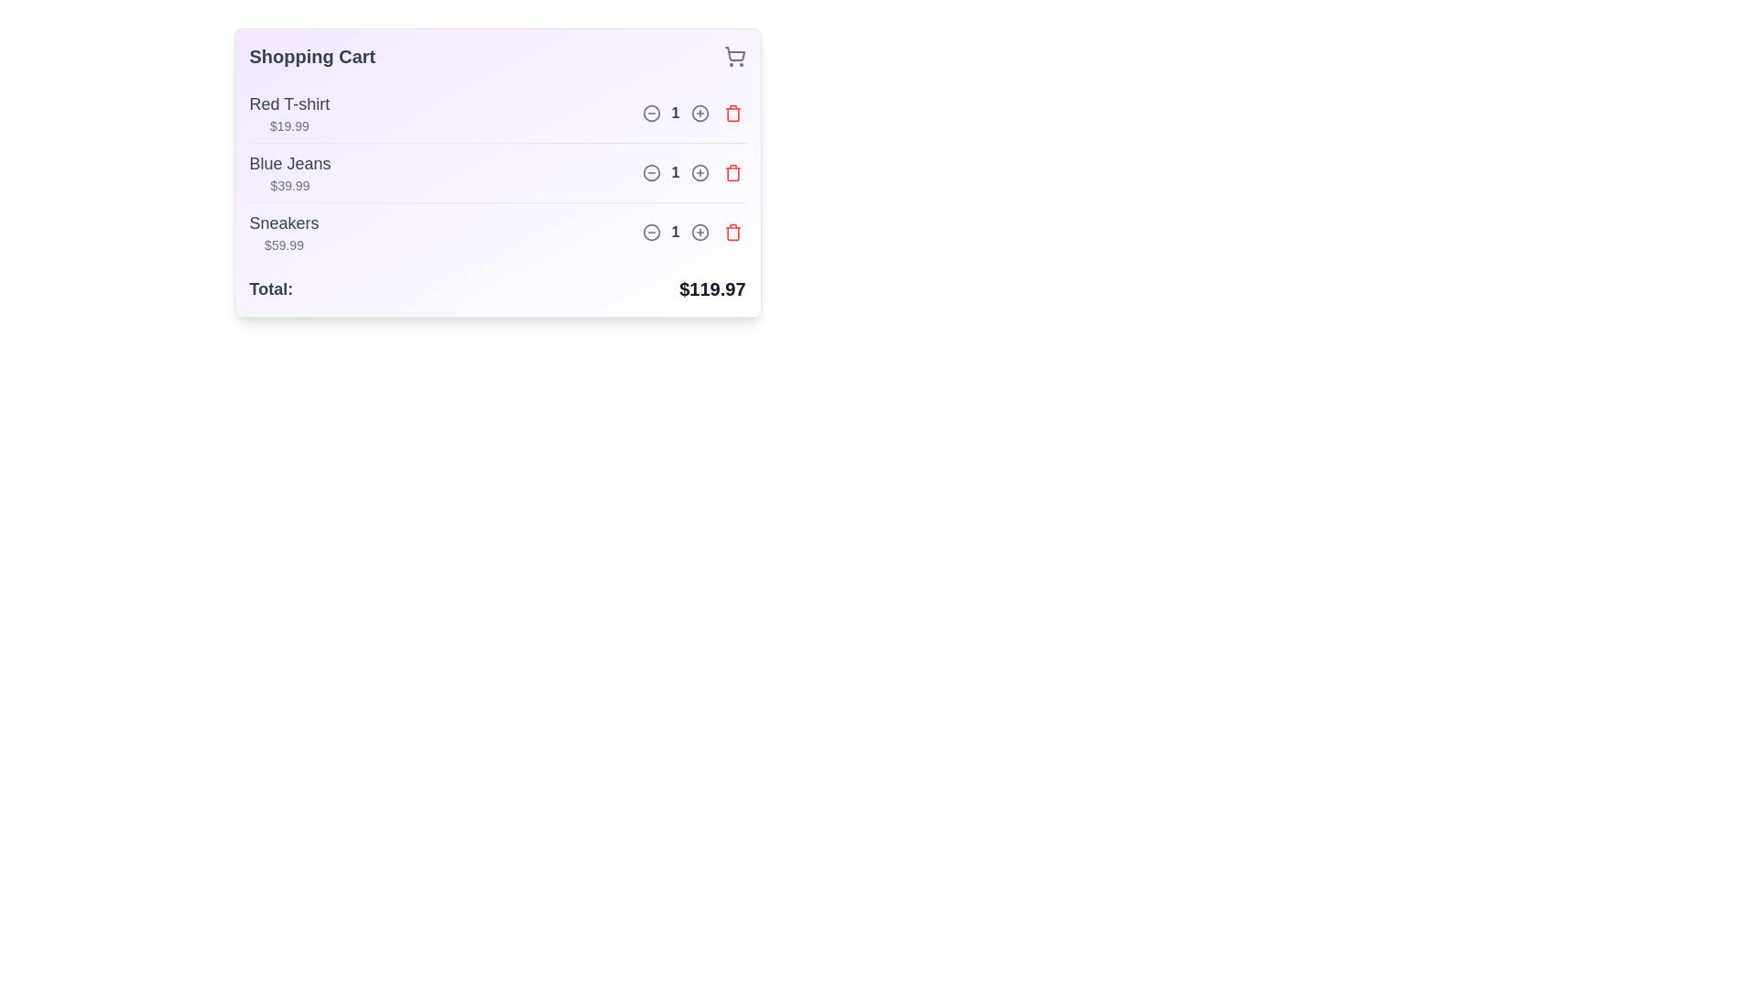  I want to click on the label that indicates the total price of selected items, which is positioned on the left side of the shopping cart summary interface, aligned with the bold price text '$119.97' on the right, so click(270, 288).